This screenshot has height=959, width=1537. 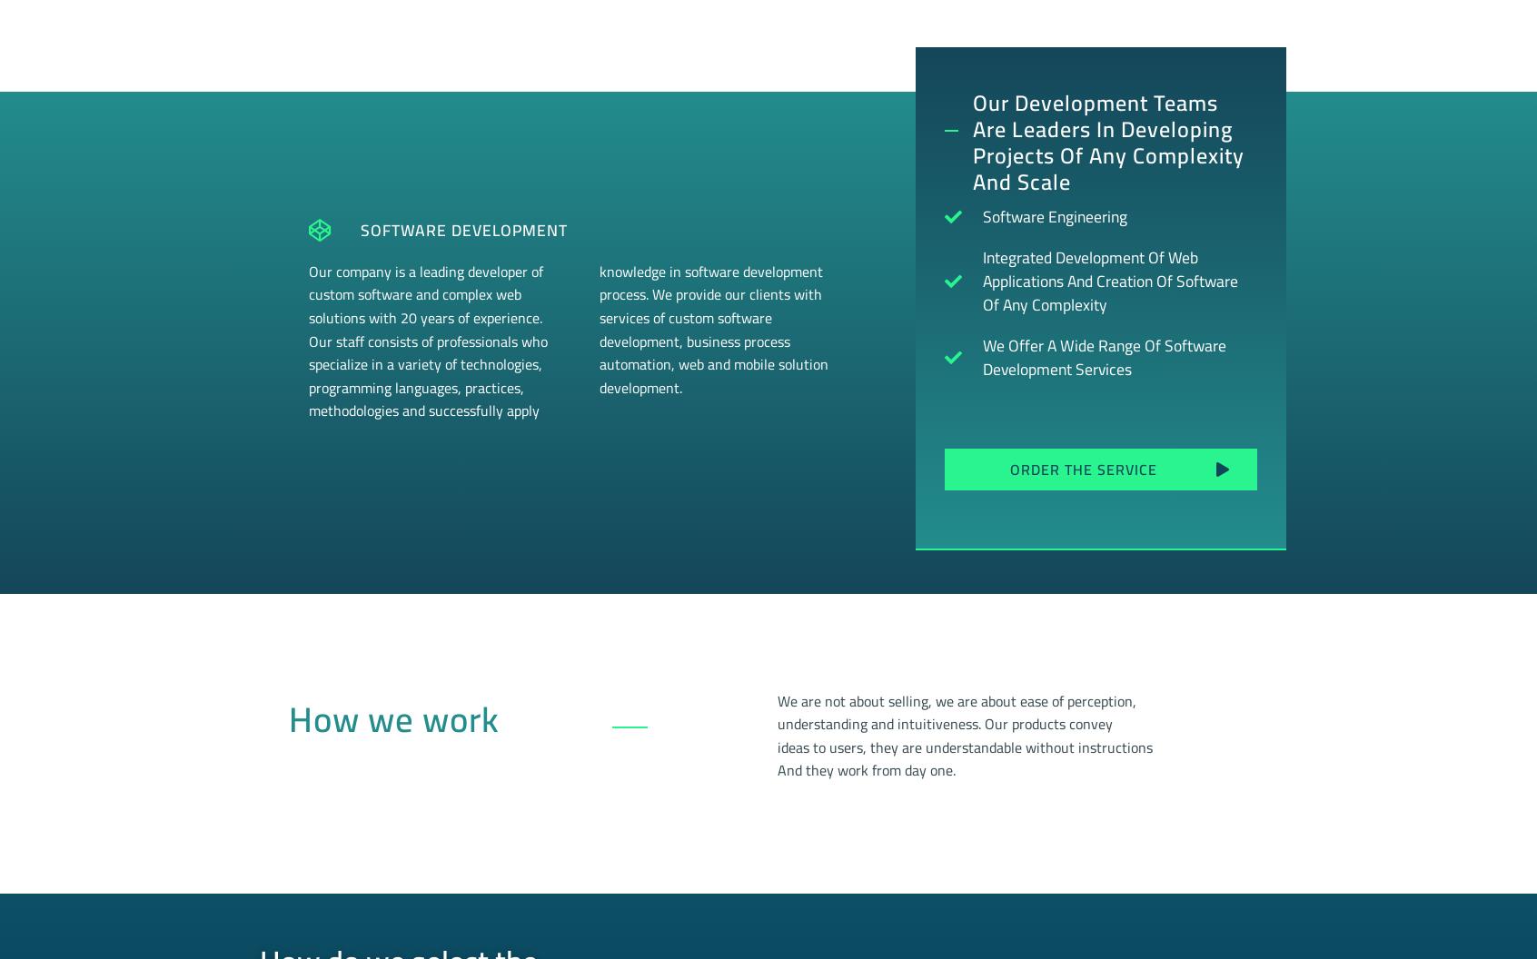 What do you see at coordinates (1082, 467) in the screenshot?
I see `'Order the service'` at bounding box center [1082, 467].